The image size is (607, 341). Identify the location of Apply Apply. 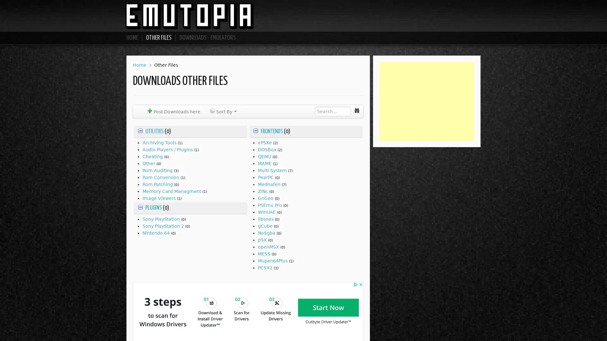
(326, 129).